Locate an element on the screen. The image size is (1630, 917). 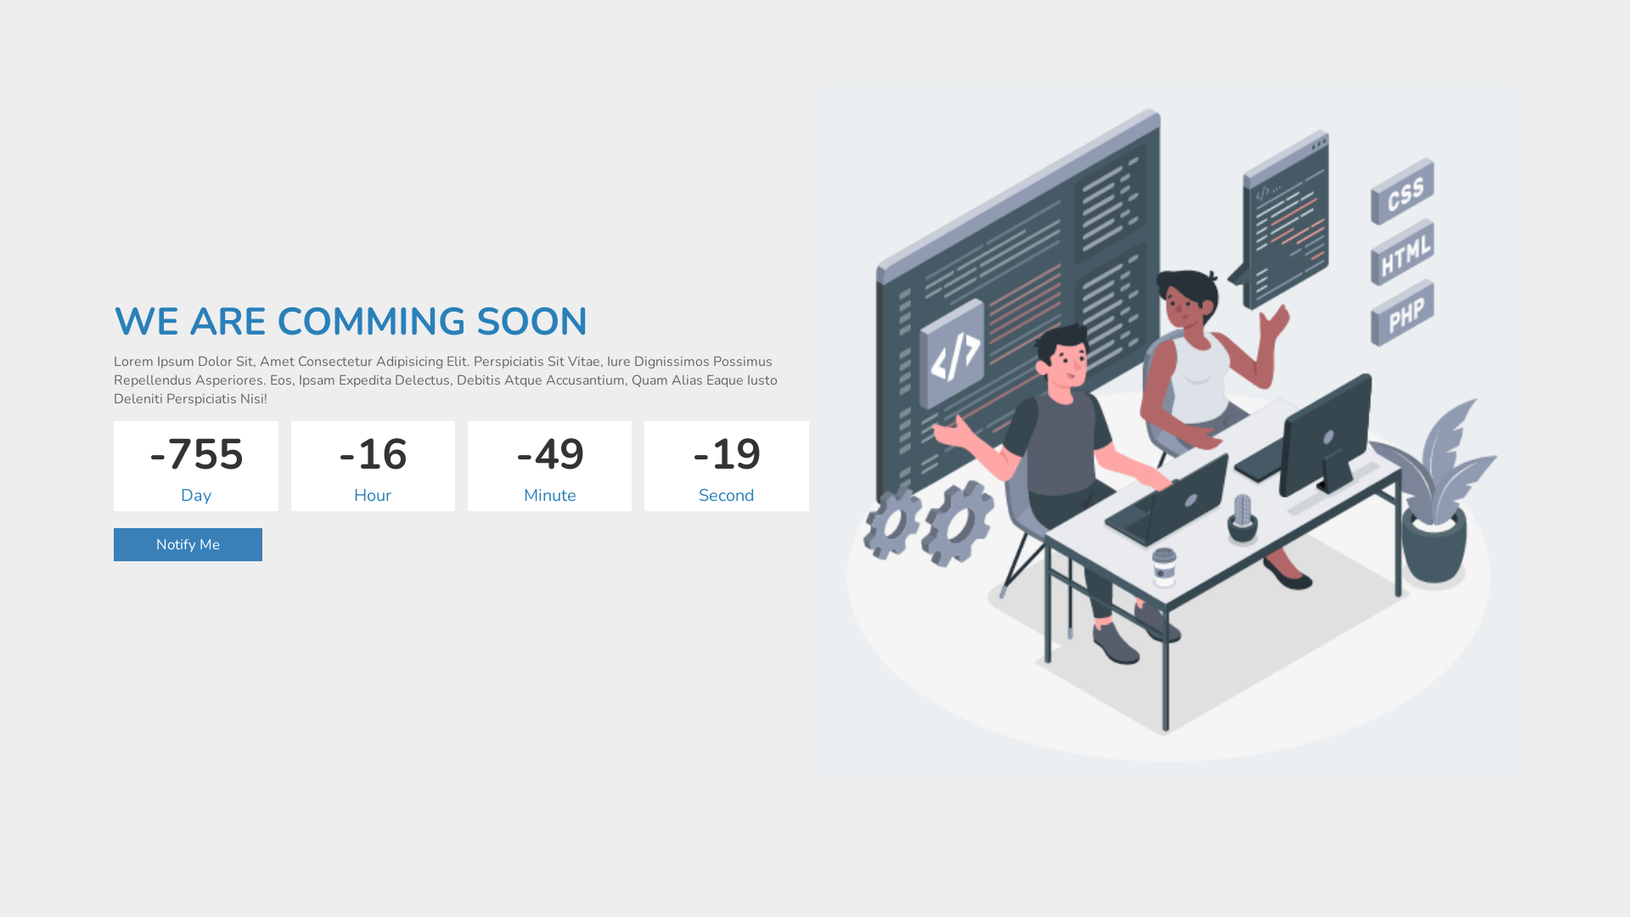
'Notify Me' is located at coordinates (188, 544).